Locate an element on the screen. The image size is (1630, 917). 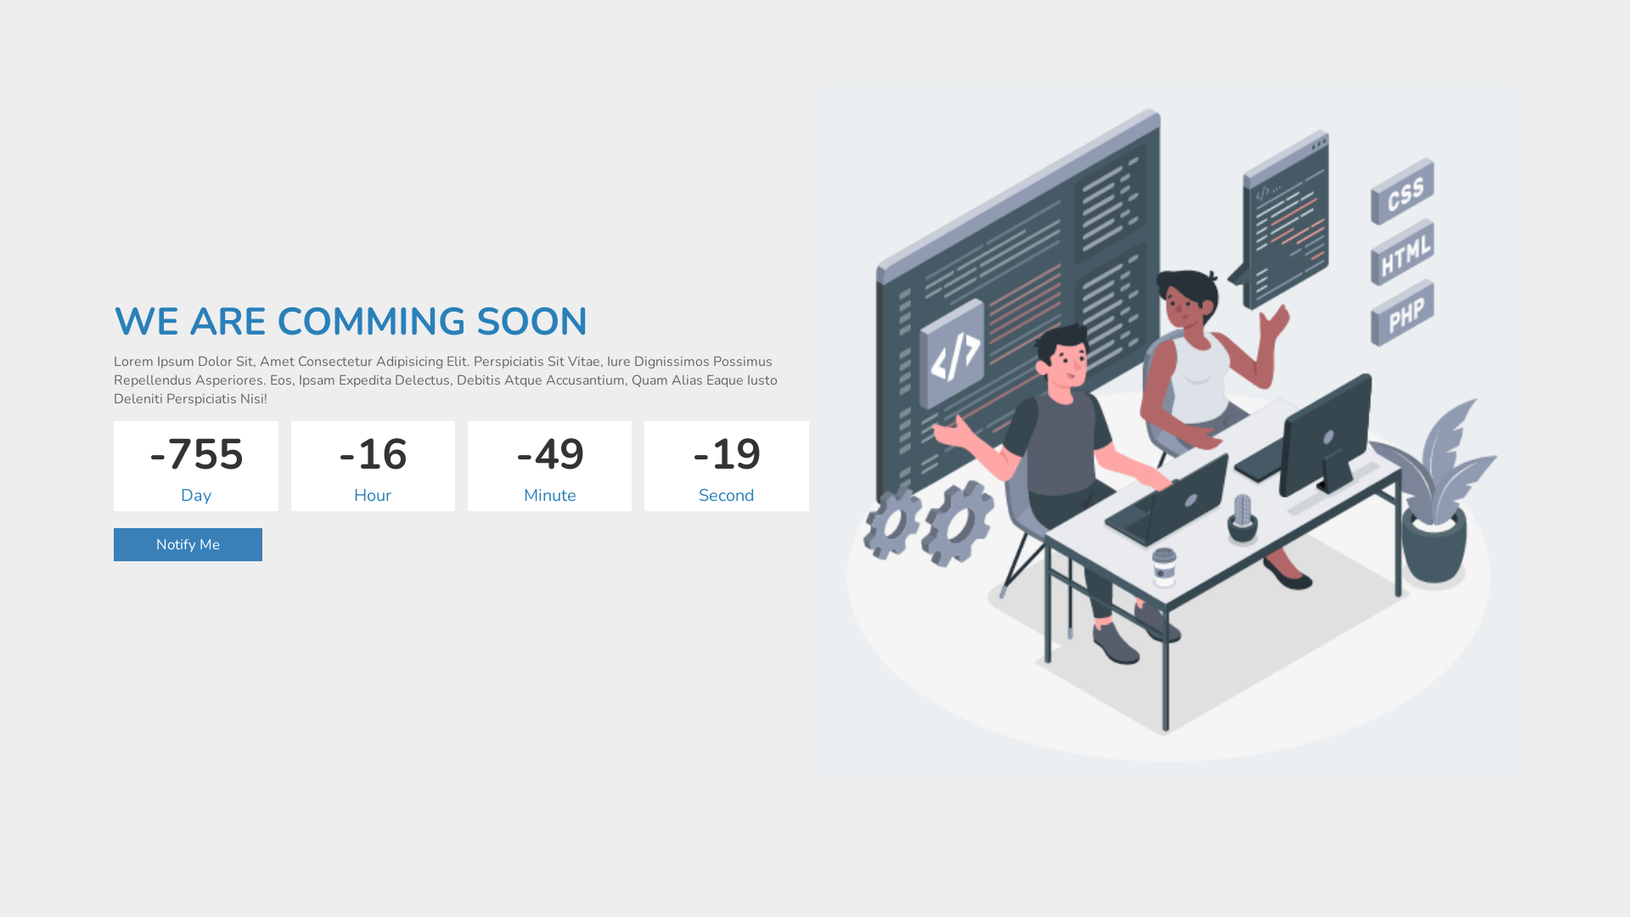
'Notify Me' is located at coordinates (188, 544).